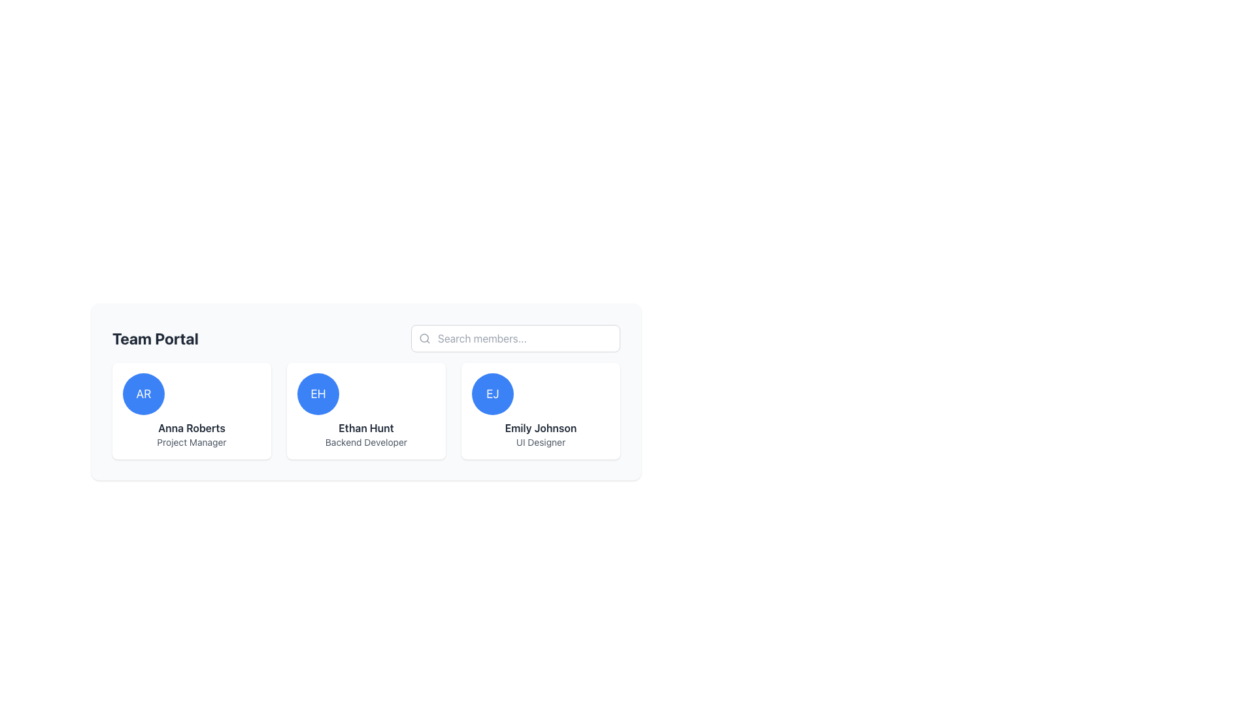  What do you see at coordinates (144, 393) in the screenshot?
I see `the avatar representing user Anna Roberts, located in the first column of the first row in the 'Team Portal' section` at bounding box center [144, 393].